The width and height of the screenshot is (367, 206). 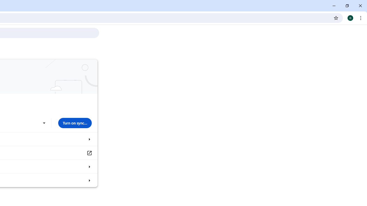 What do you see at coordinates (44, 123) in the screenshot?
I see `'Use another account'` at bounding box center [44, 123].